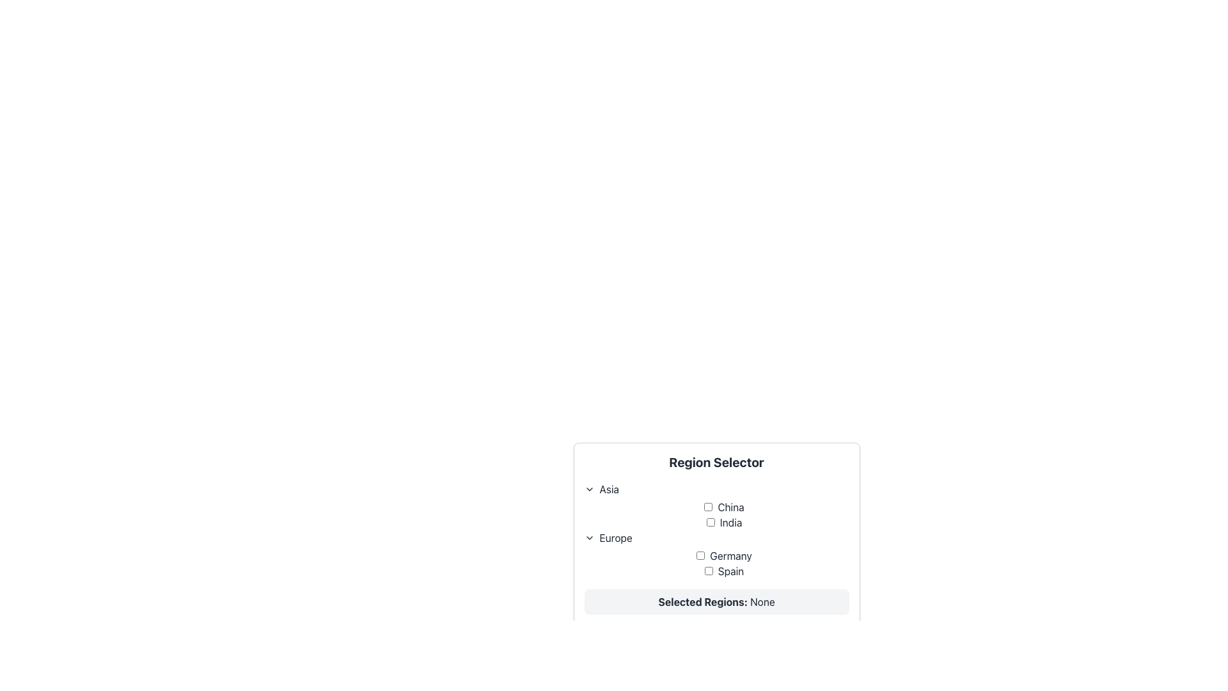 The width and height of the screenshot is (1228, 691). Describe the element at coordinates (724, 507) in the screenshot. I see `the checkbox associated with the 'China' label in the Asia region selection panel` at that location.